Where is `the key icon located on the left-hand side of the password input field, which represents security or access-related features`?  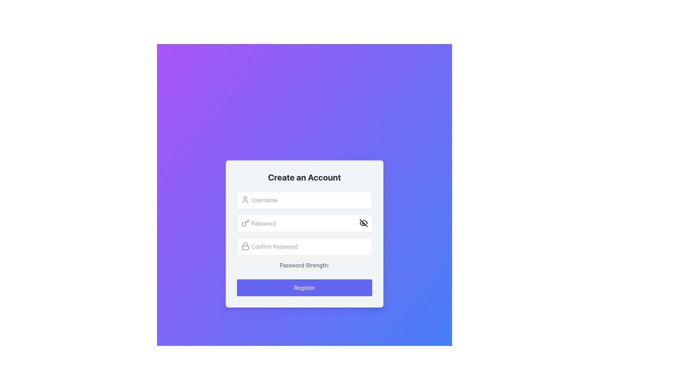 the key icon located on the left-hand side of the password input field, which represents security or access-related features is located at coordinates (245, 223).